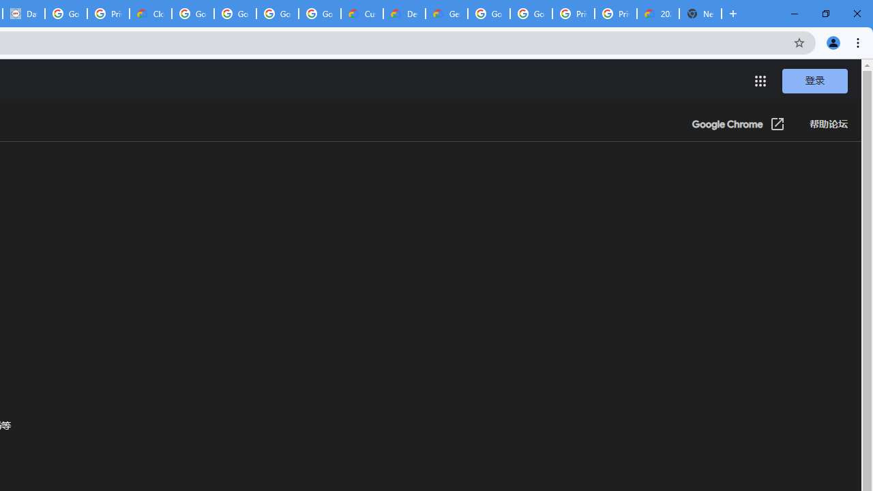 This screenshot has width=873, height=491. I want to click on 'New Tab', so click(700, 14).